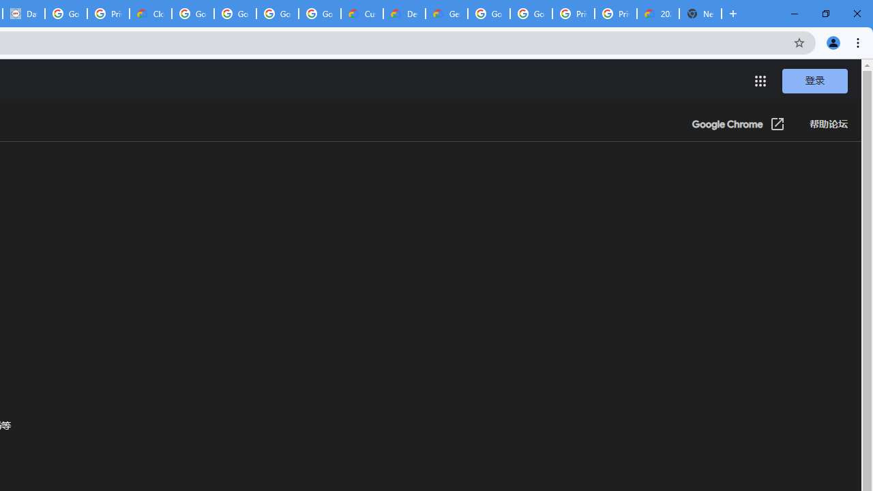 This screenshot has width=873, height=491. I want to click on 'New Tab', so click(700, 14).